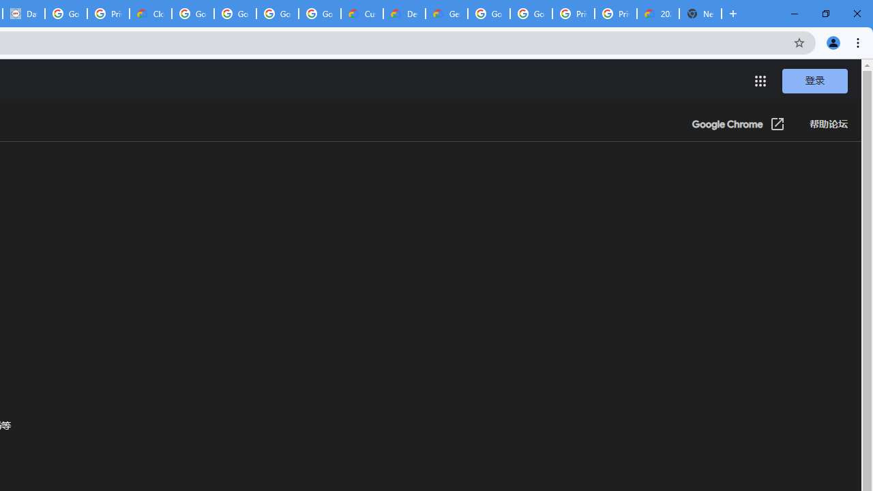 This screenshot has width=873, height=491. I want to click on 'New Tab', so click(700, 14).